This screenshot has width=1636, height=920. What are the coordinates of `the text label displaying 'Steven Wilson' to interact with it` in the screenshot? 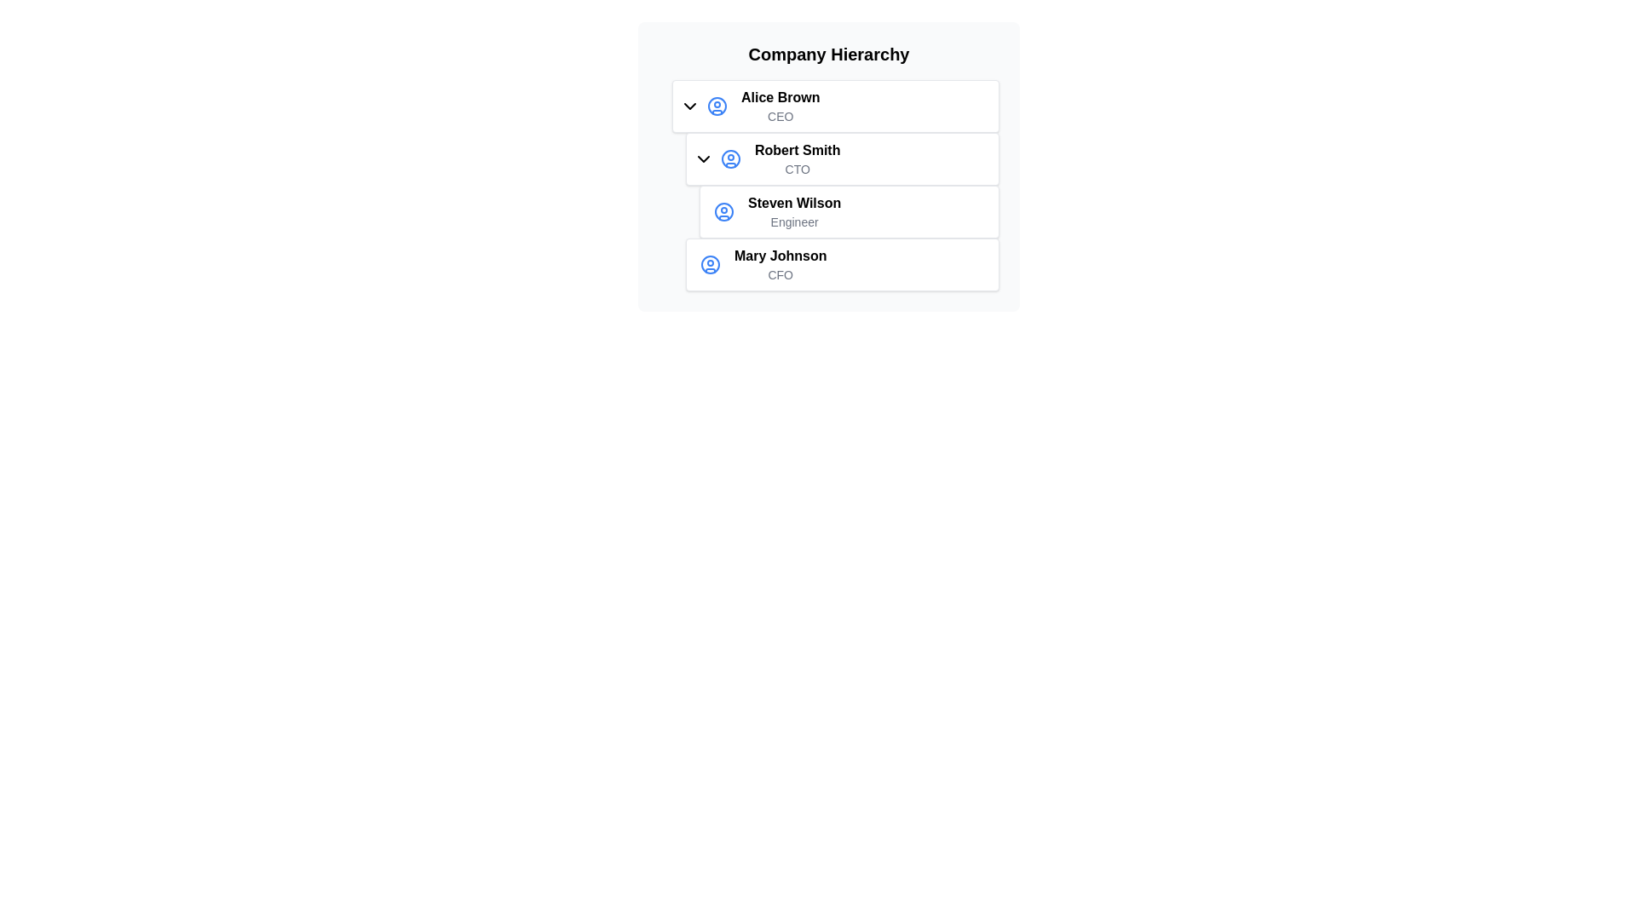 It's located at (793, 203).